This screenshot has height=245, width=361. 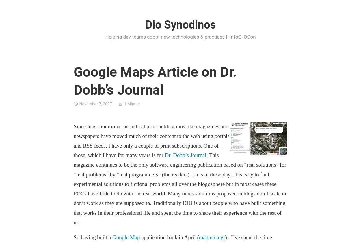 I want to click on 'Since most traditional periodical print publications like magazines and newspapers have moved much of their content to the web using portals and RSS feeds, I have only a couple of print subscriptions. One of those, which I have for many years is for', so click(x=151, y=141).